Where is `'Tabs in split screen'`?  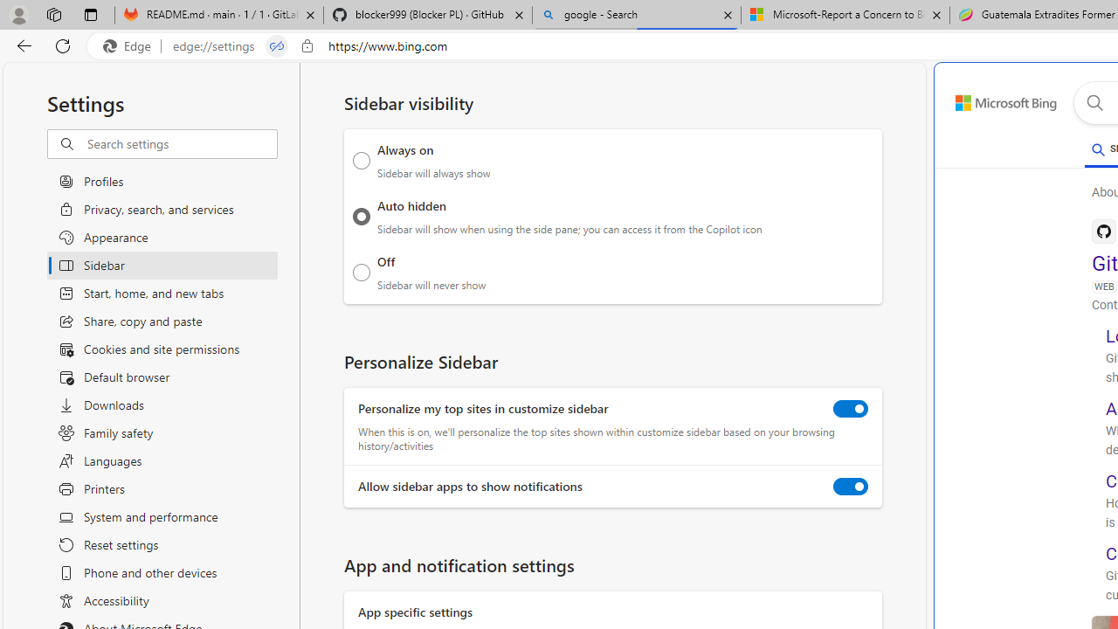
'Tabs in split screen' is located at coordinates (276, 45).